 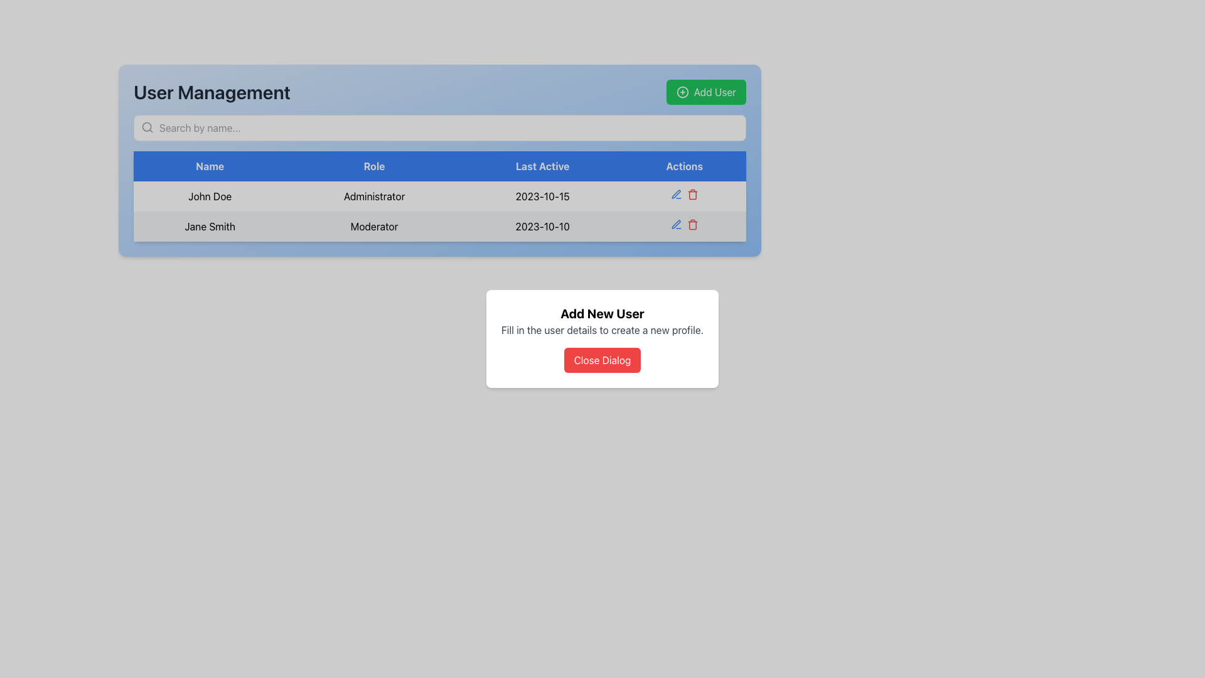 What do you see at coordinates (675, 194) in the screenshot?
I see `the SVG pencil icon` at bounding box center [675, 194].